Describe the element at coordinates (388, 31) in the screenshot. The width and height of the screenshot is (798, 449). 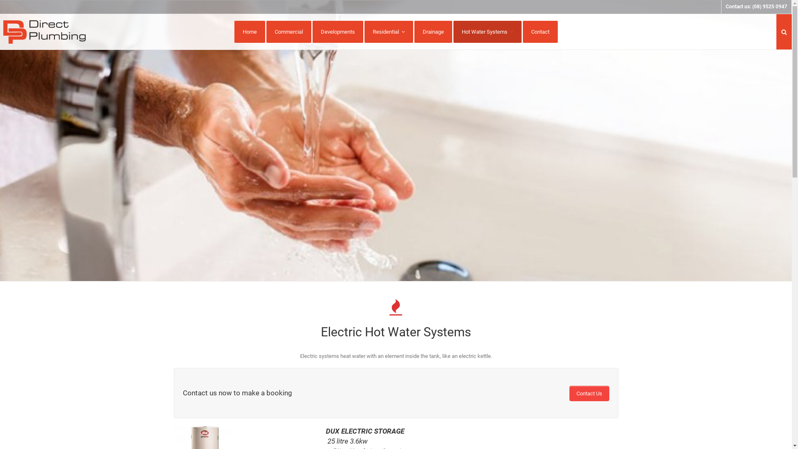
I see `'Residential'` at that location.